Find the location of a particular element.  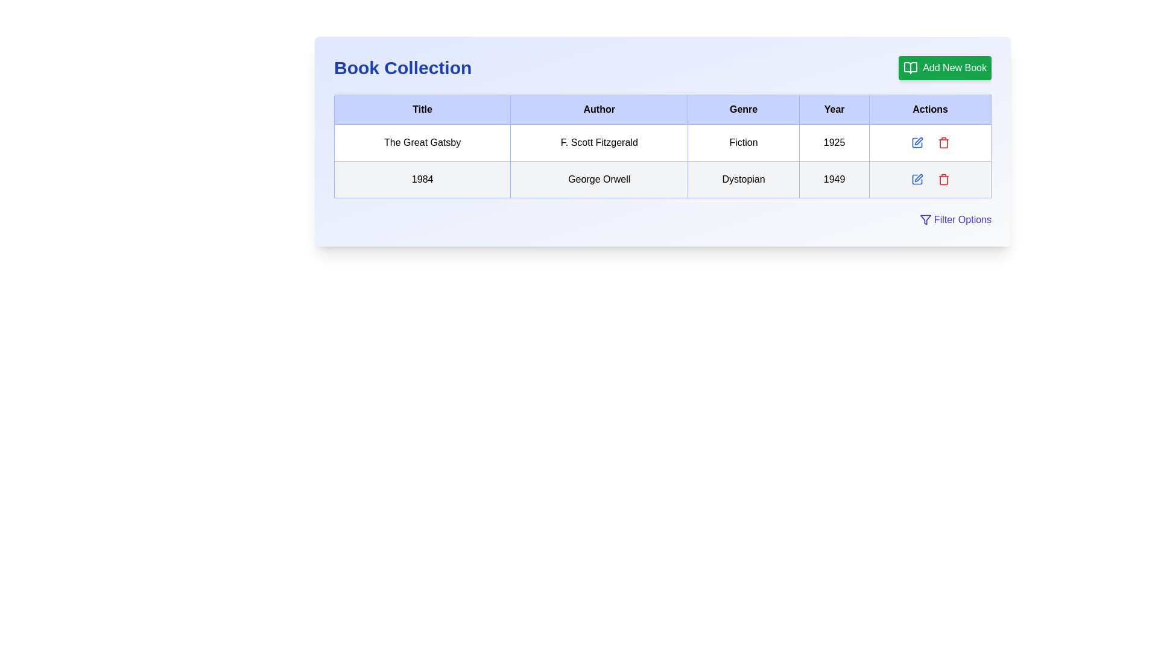

the 'Author' column header in the table, which is positioned between the 'Title' and 'Genre' column headers is located at coordinates (599, 109).